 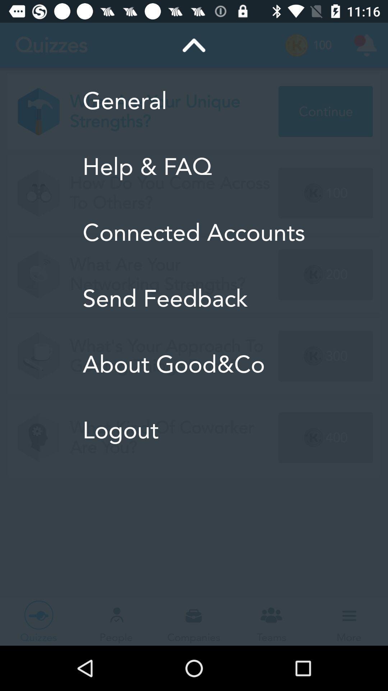 What do you see at coordinates (193, 232) in the screenshot?
I see `icon above the send feedback icon` at bounding box center [193, 232].